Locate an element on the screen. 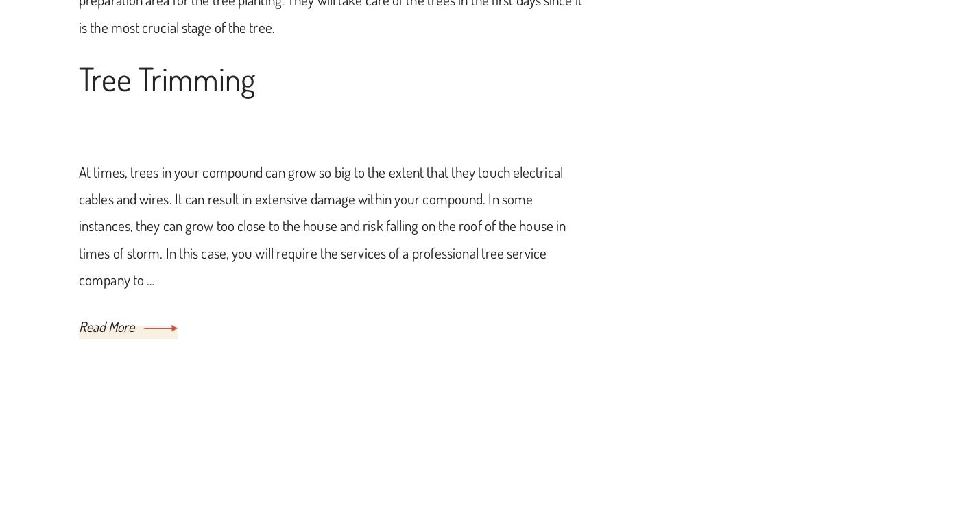  'Fnamoc Homes' is located at coordinates (295, 486).